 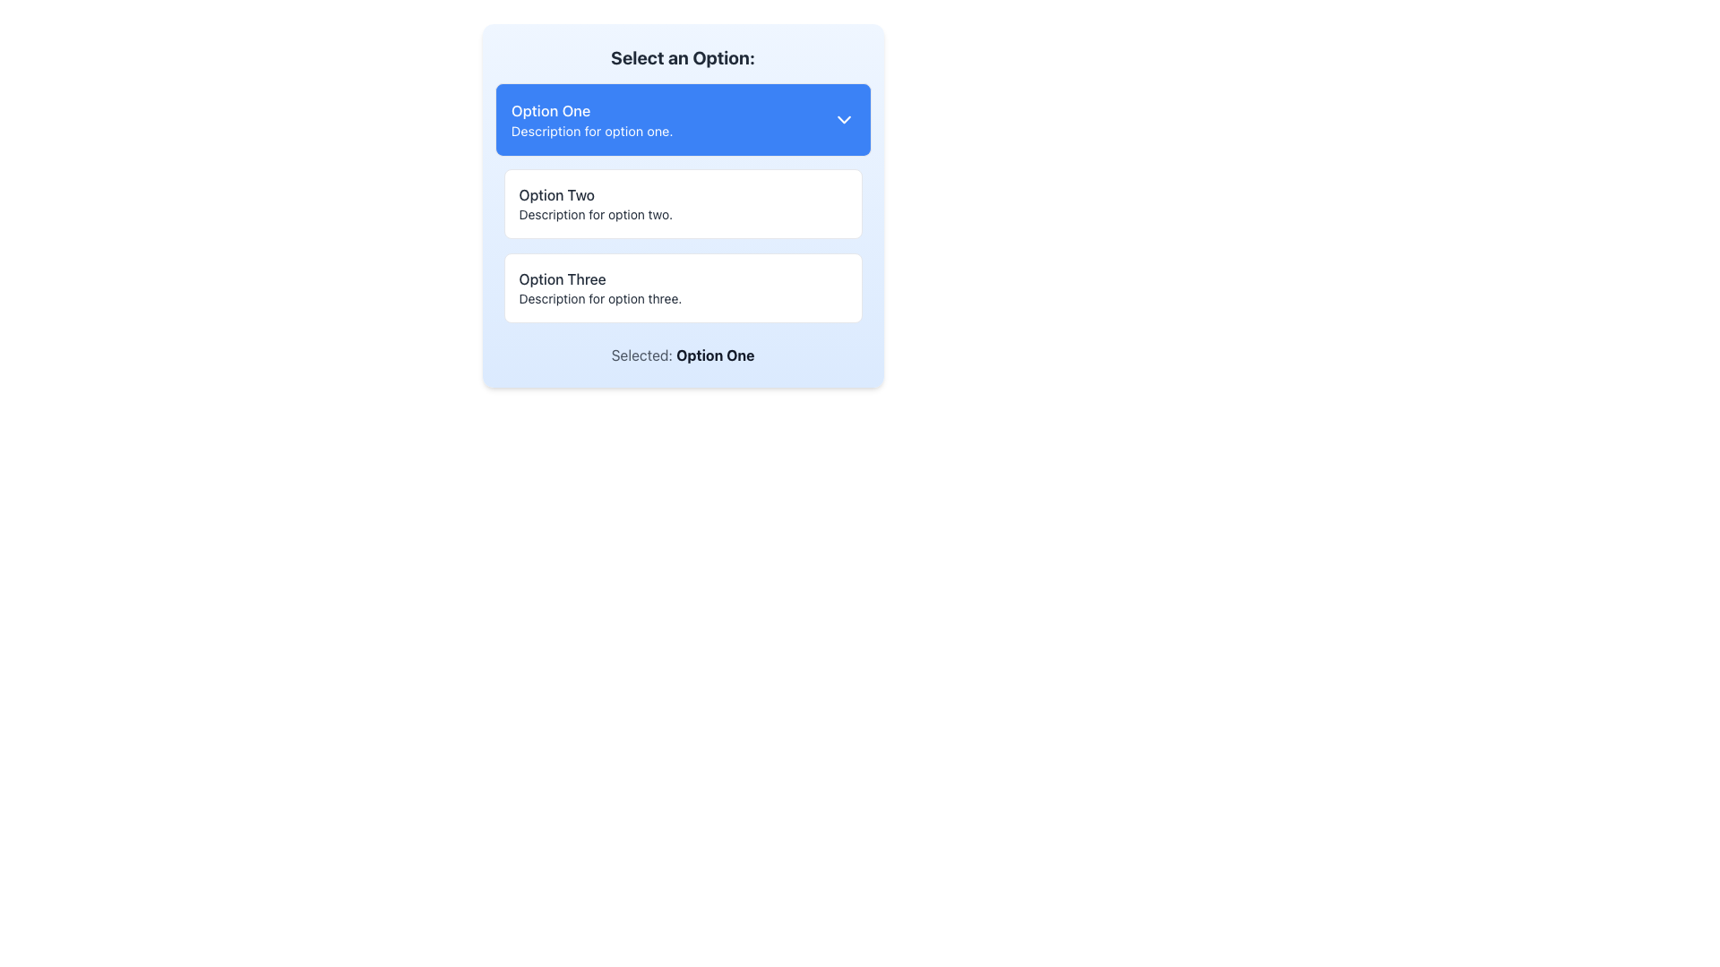 I want to click on the selectable option button labeled 'Option Two', so click(x=682, y=202).